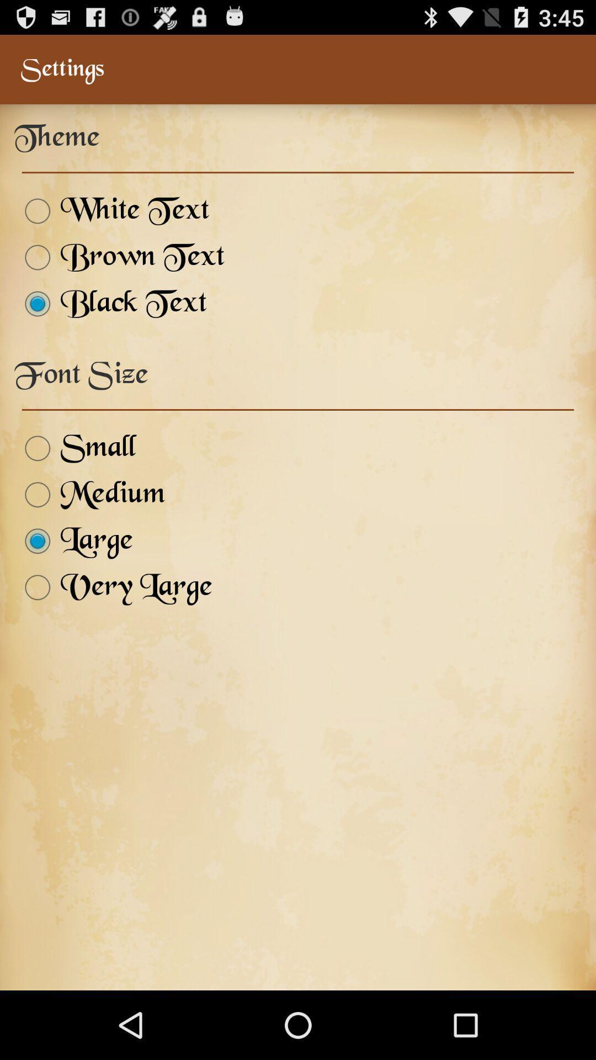 The image size is (596, 1060). What do you see at coordinates (119, 257) in the screenshot?
I see `brown text` at bounding box center [119, 257].